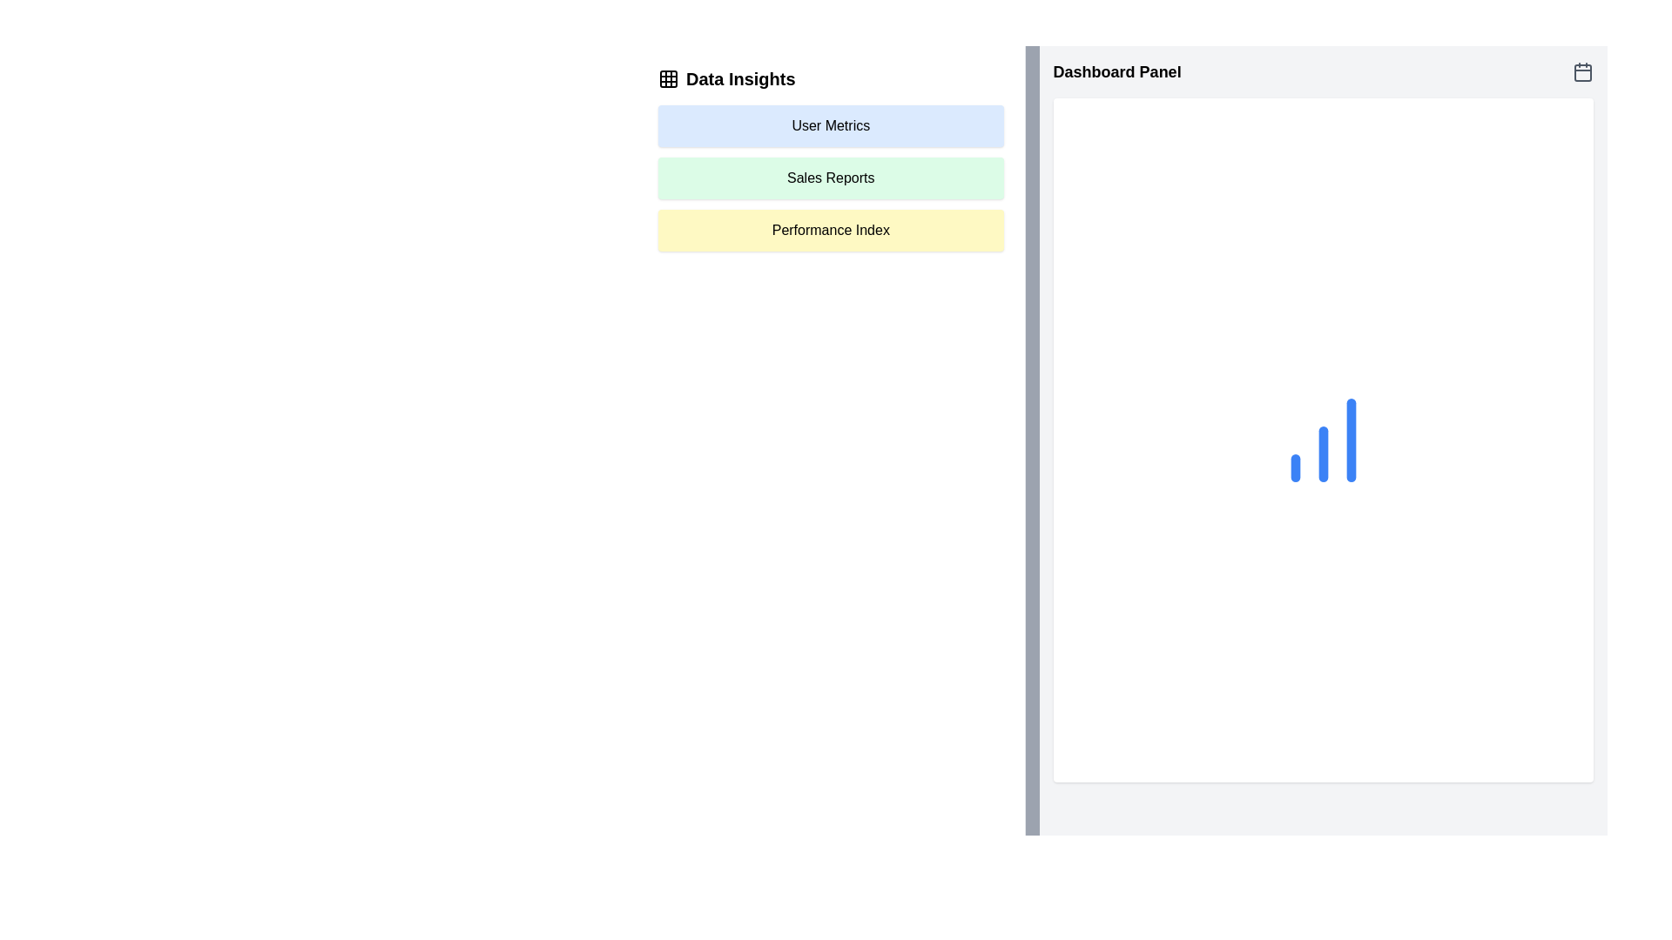 The image size is (1672, 940). What do you see at coordinates (668, 79) in the screenshot?
I see `the top-left corner icon of the grid representing 'Data Insights'` at bounding box center [668, 79].